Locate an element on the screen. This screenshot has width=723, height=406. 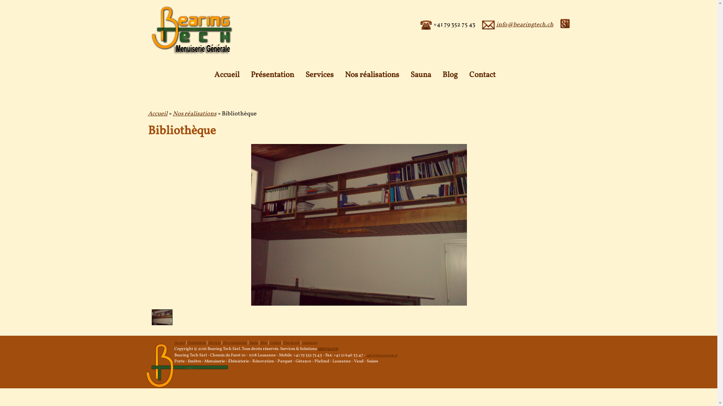
'Accueil' is located at coordinates (179, 342).